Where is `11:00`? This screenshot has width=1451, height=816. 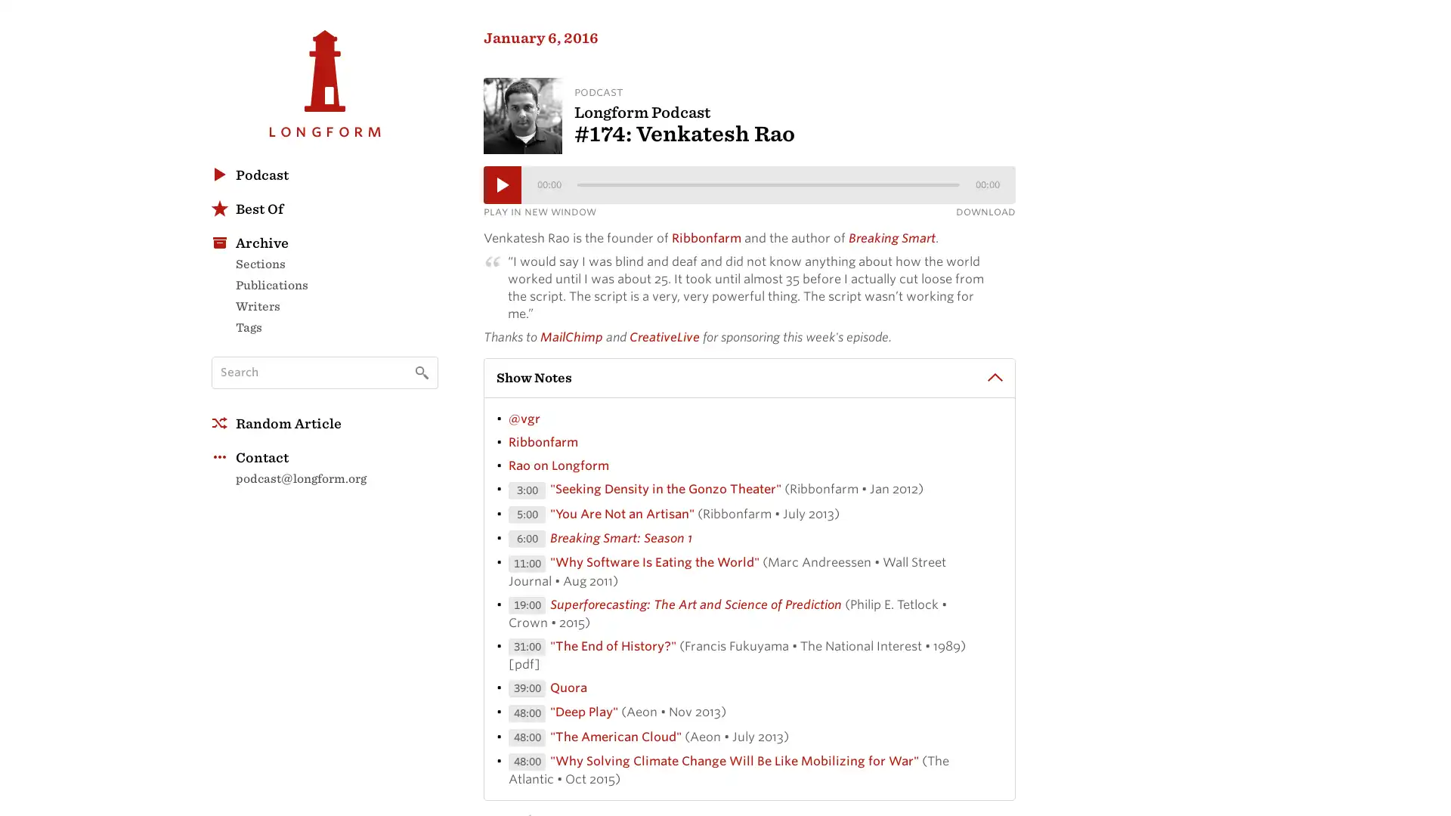
11:00 is located at coordinates (527, 566).